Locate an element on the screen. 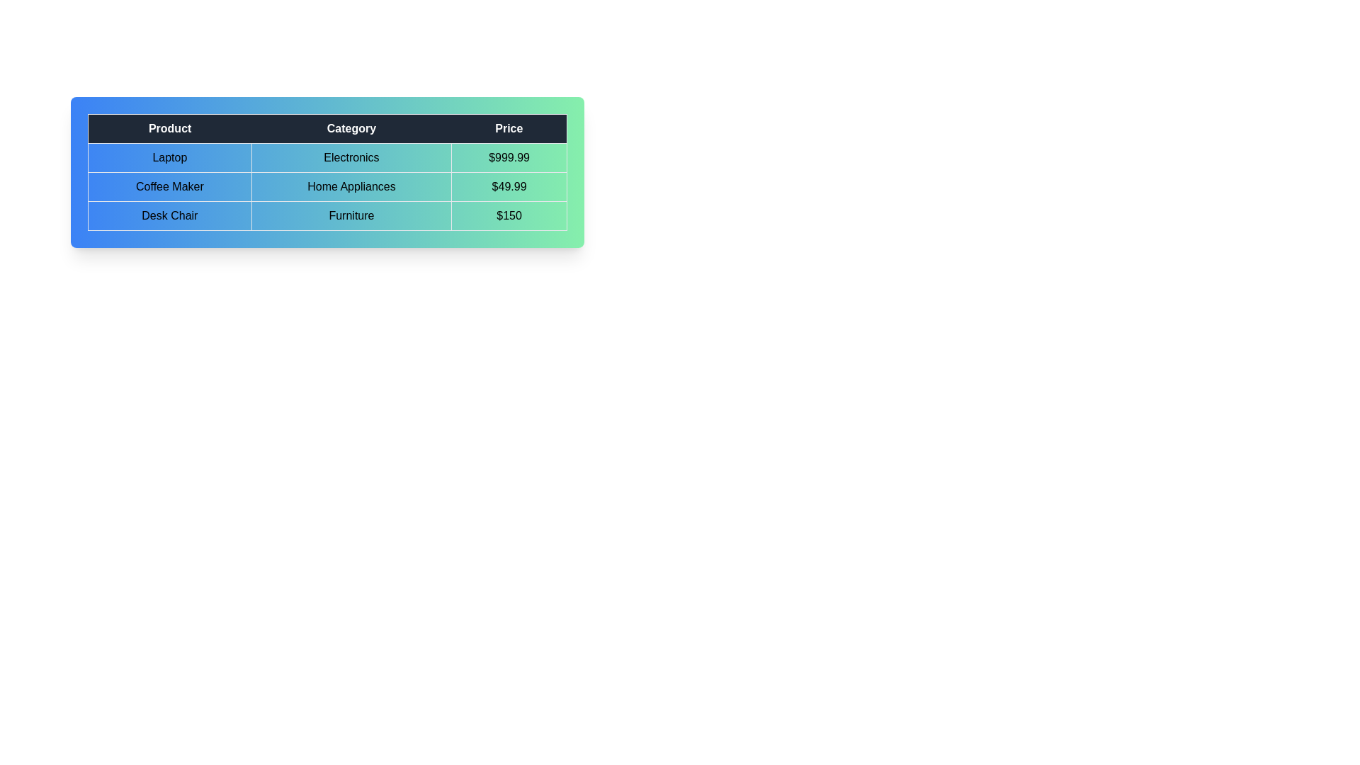  the first row of the product table that displays the product name, category, and price information is located at coordinates (327, 158).